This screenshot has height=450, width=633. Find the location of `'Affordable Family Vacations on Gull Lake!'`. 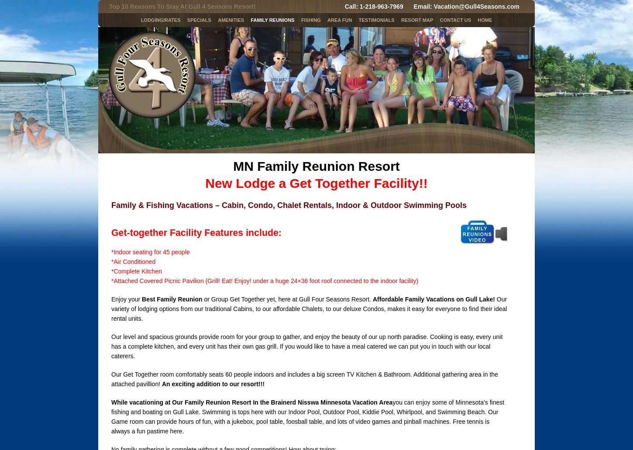

'Affordable Family Vacations on Gull Lake!' is located at coordinates (433, 298).